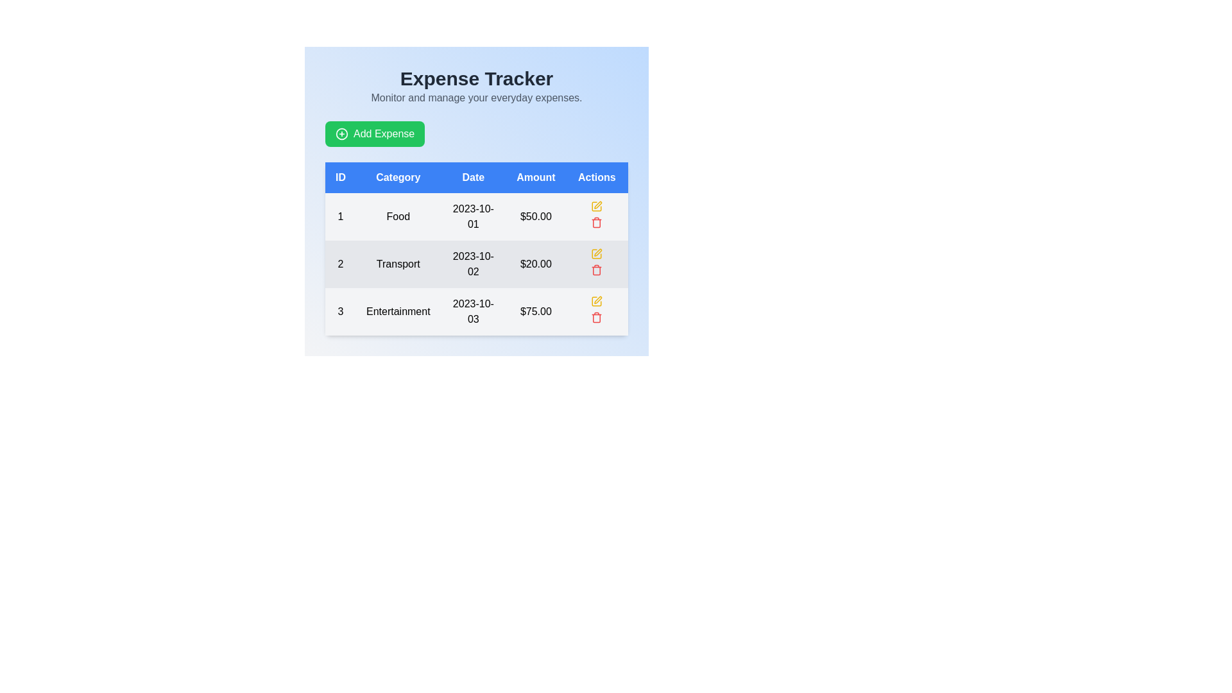  What do you see at coordinates (596, 317) in the screenshot?
I see `the delete icon button located in the 'Actions' column of the data table for the third row, which corresponds to the 'Entertainment' expense` at bounding box center [596, 317].